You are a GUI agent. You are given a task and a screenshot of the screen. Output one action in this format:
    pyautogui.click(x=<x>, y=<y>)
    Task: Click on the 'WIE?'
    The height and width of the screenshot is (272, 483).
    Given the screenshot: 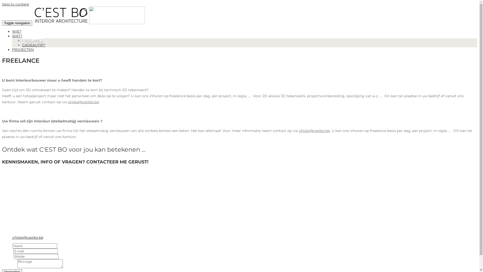 What is the action you would take?
    pyautogui.click(x=17, y=31)
    